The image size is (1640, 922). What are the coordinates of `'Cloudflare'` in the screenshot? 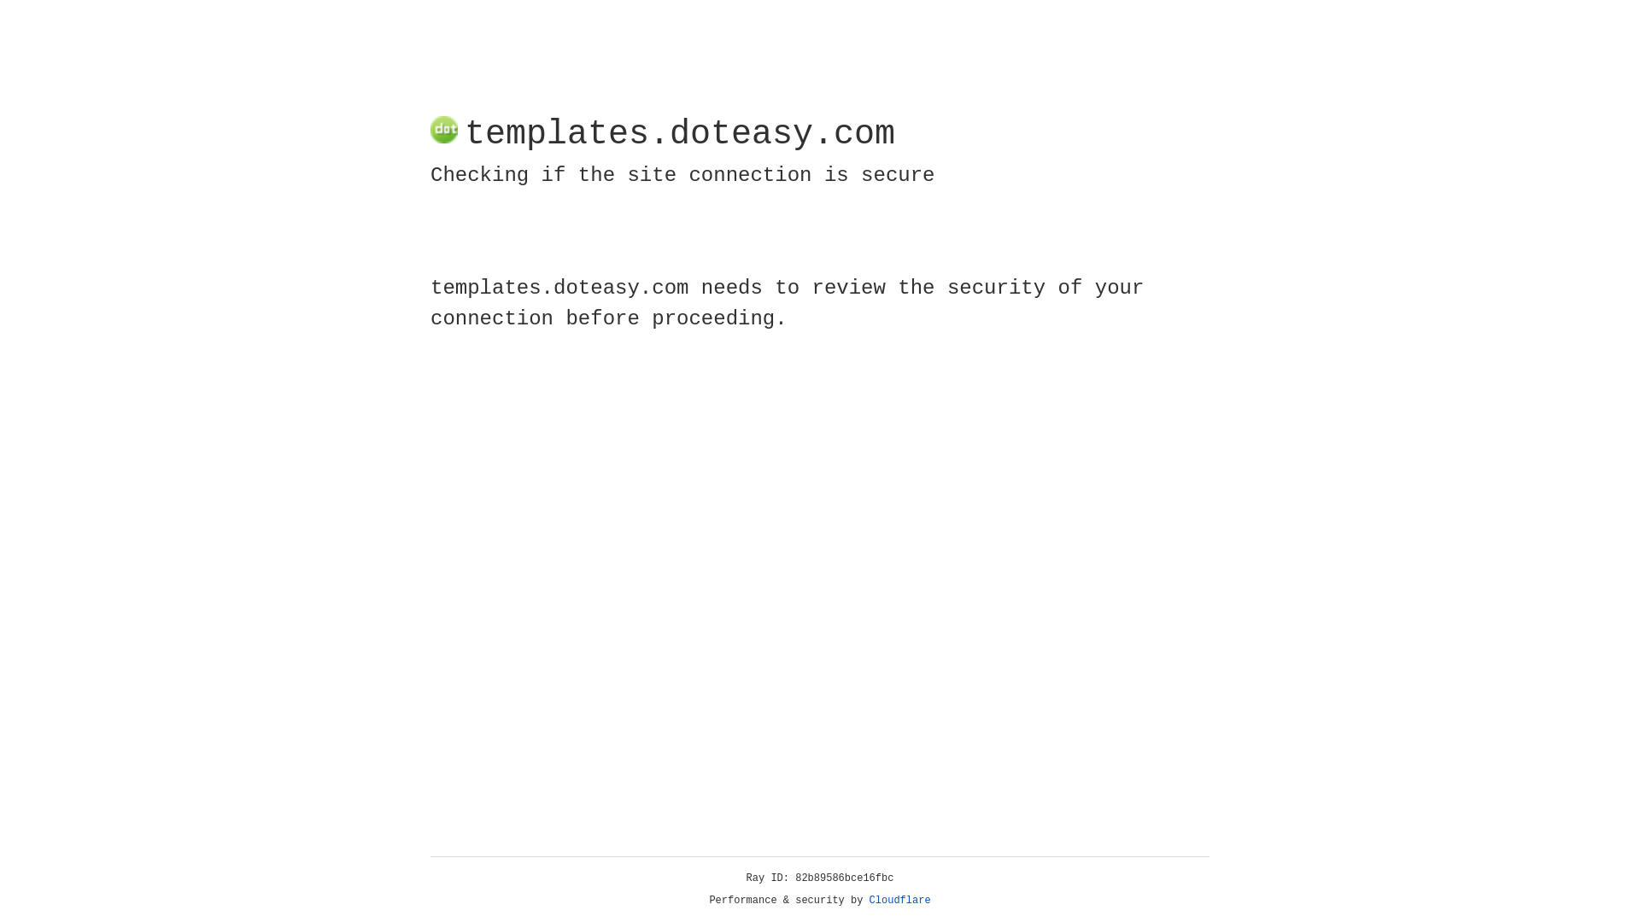 It's located at (899, 900).